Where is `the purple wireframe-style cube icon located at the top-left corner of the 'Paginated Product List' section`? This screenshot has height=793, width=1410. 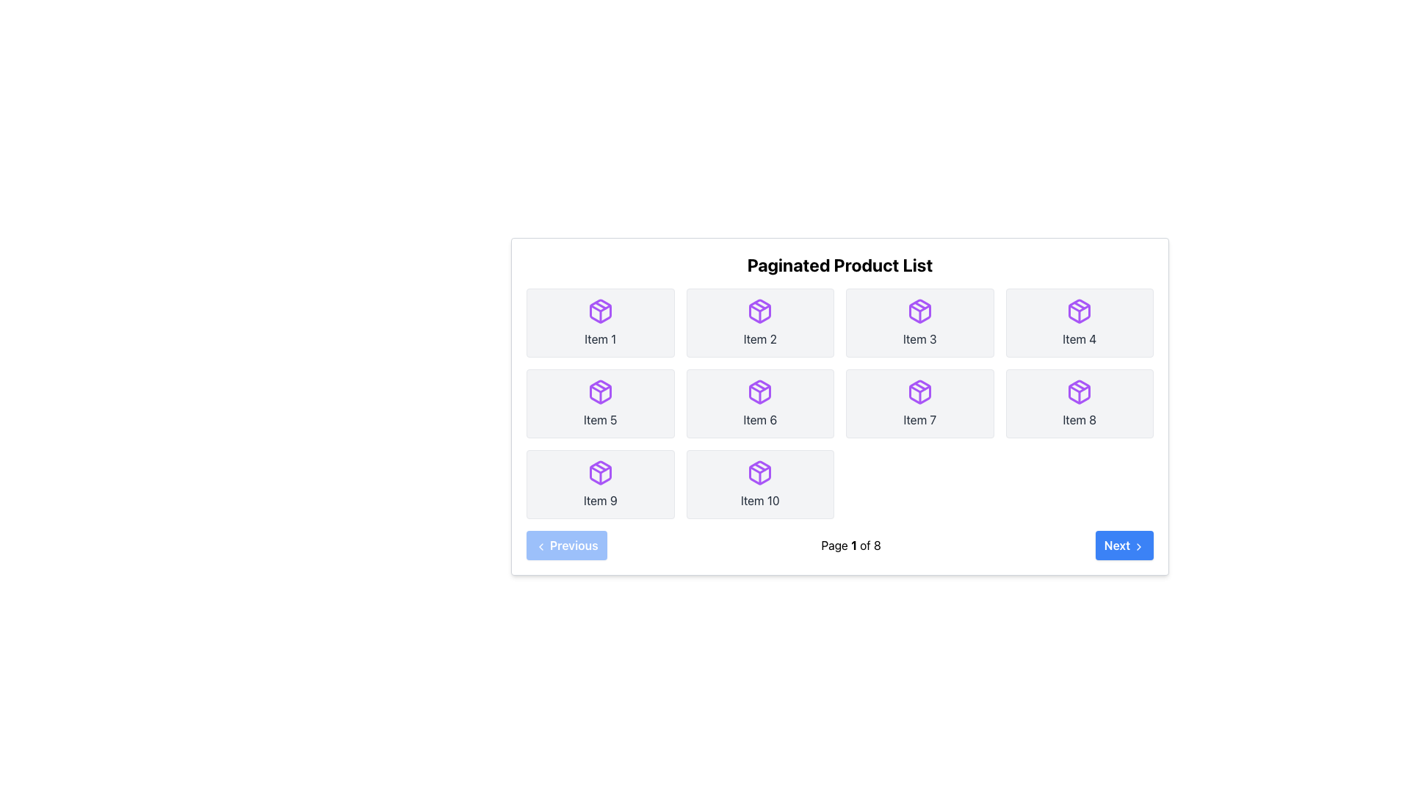 the purple wireframe-style cube icon located at the top-left corner of the 'Paginated Product List' section is located at coordinates (600, 311).